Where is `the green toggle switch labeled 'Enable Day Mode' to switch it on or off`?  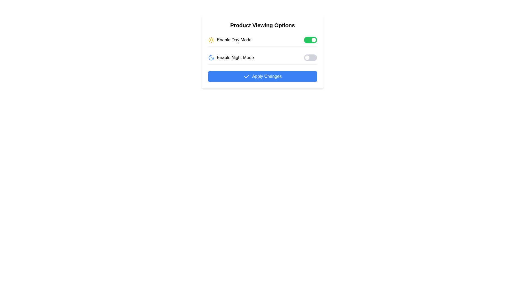 the green toggle switch labeled 'Enable Day Mode' to switch it on or off is located at coordinates (263, 39).